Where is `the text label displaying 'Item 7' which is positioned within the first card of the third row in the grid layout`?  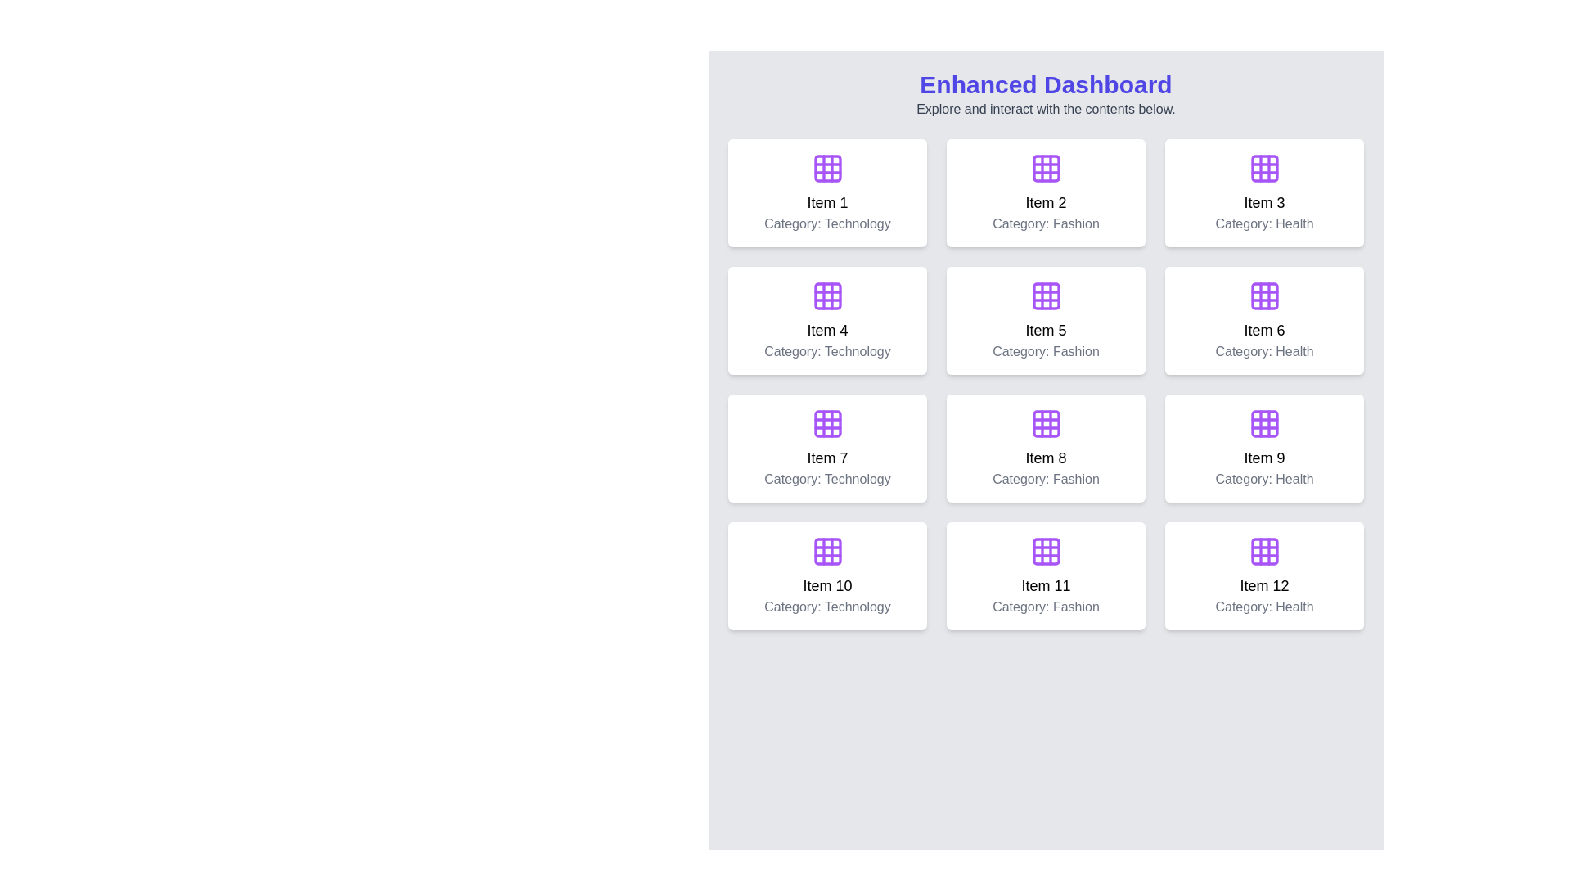
the text label displaying 'Item 7' which is positioned within the first card of the third row in the grid layout is located at coordinates (827, 458).